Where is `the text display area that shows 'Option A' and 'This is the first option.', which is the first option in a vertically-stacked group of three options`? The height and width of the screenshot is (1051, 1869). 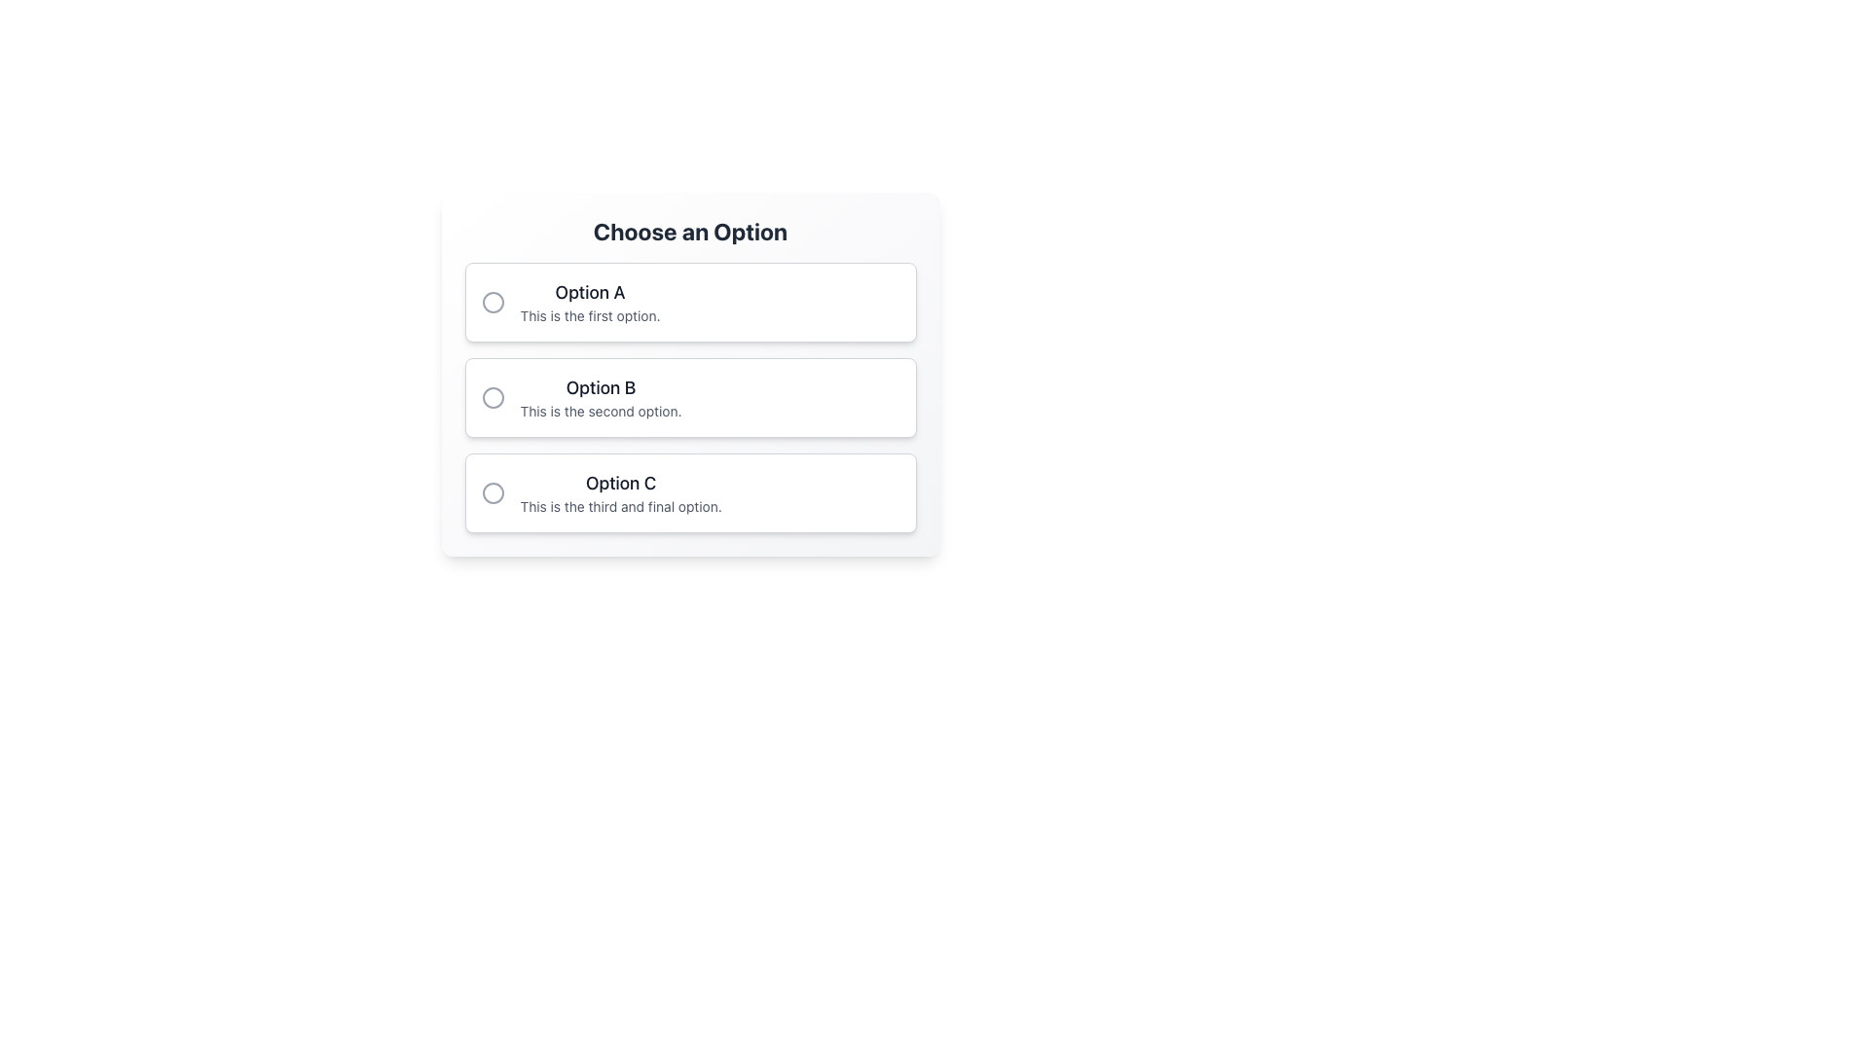 the text display area that shows 'Option A' and 'This is the first option.', which is the first option in a vertically-stacked group of three options is located at coordinates (589, 303).